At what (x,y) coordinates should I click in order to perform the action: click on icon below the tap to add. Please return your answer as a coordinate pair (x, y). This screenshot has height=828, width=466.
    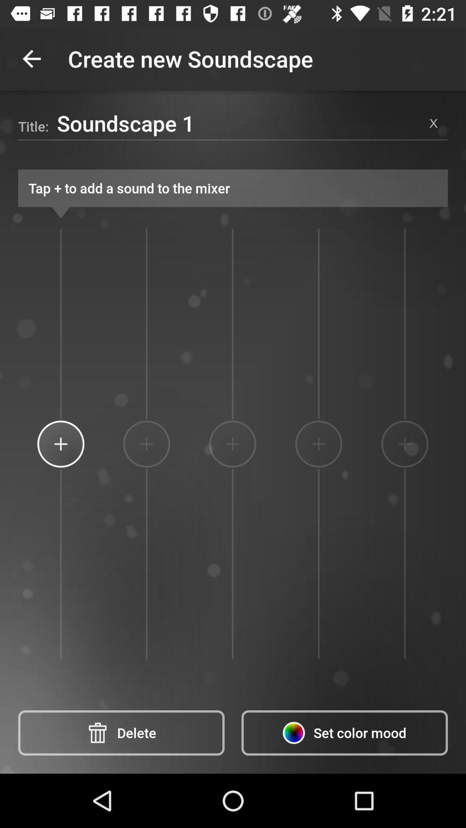
    Looking at the image, I should click on (405, 444).